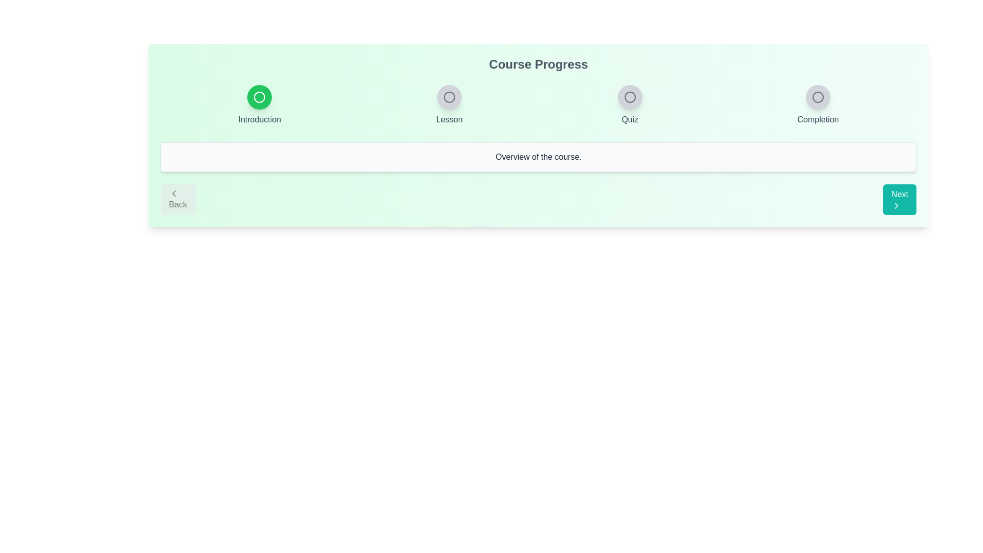  I want to click on the step indicator labeled Quiz to view its state, so click(629, 105).